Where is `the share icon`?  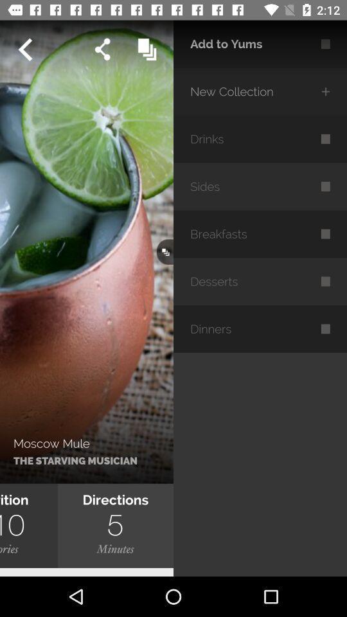
the share icon is located at coordinates (102, 49).